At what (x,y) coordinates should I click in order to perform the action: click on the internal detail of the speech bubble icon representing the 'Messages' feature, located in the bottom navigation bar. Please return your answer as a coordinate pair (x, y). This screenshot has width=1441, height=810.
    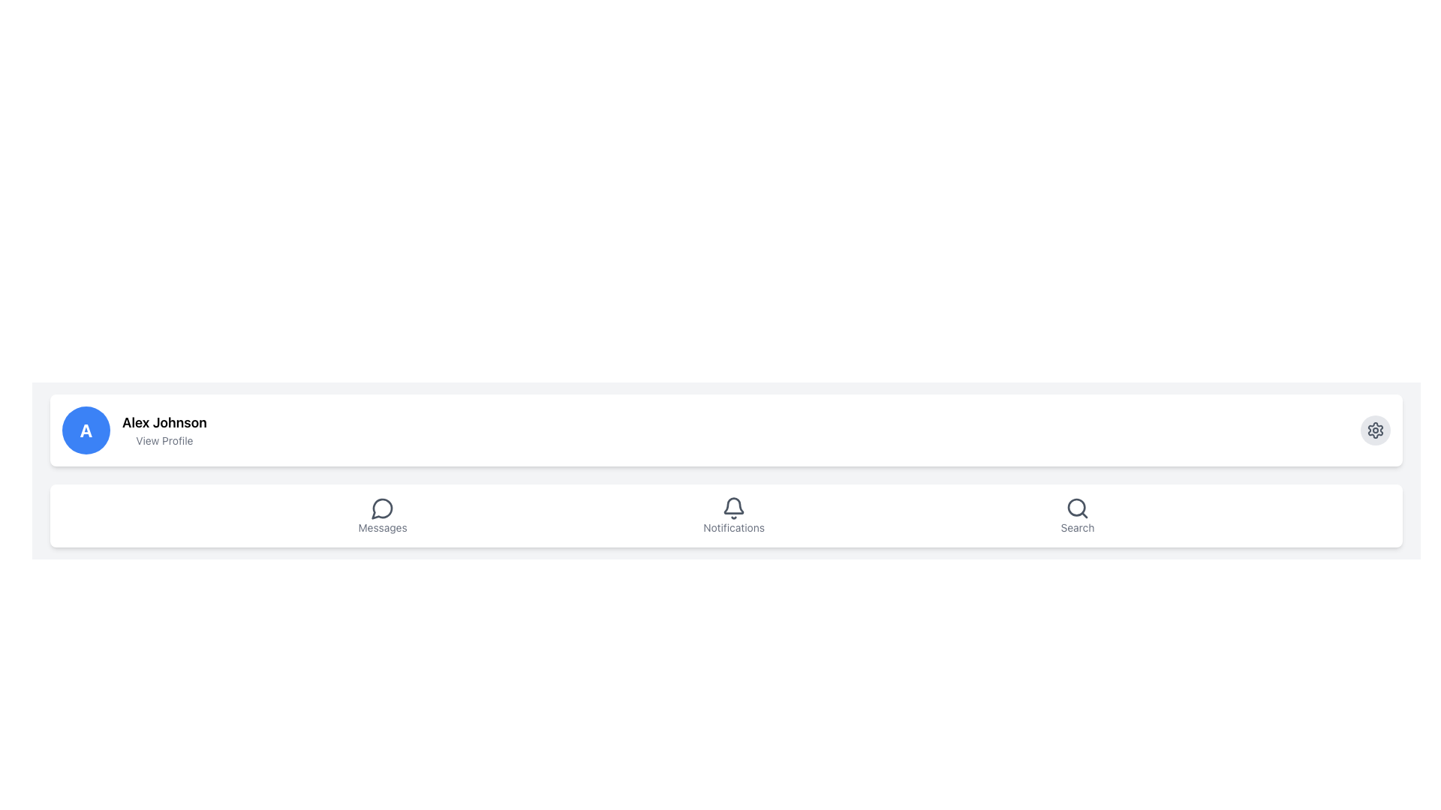
    Looking at the image, I should click on (382, 508).